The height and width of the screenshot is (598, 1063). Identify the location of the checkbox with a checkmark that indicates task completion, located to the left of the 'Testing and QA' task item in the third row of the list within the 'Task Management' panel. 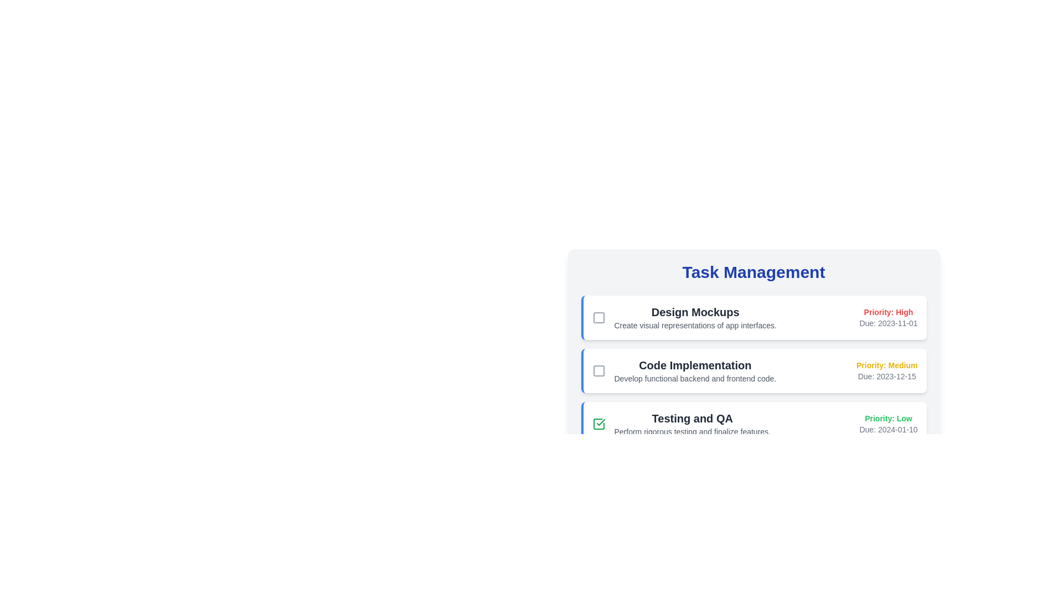
(598, 424).